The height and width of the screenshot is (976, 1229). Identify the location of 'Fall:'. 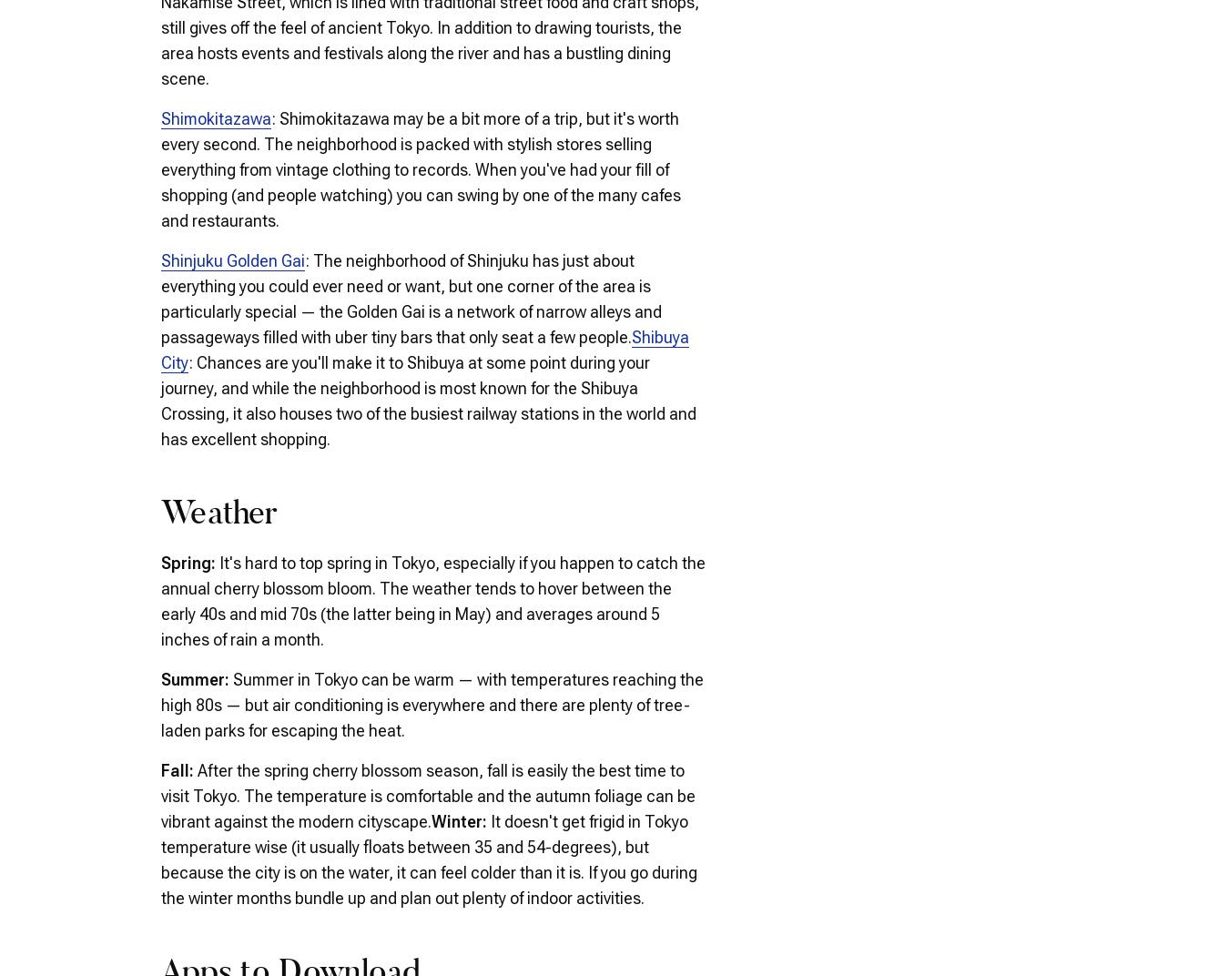
(160, 768).